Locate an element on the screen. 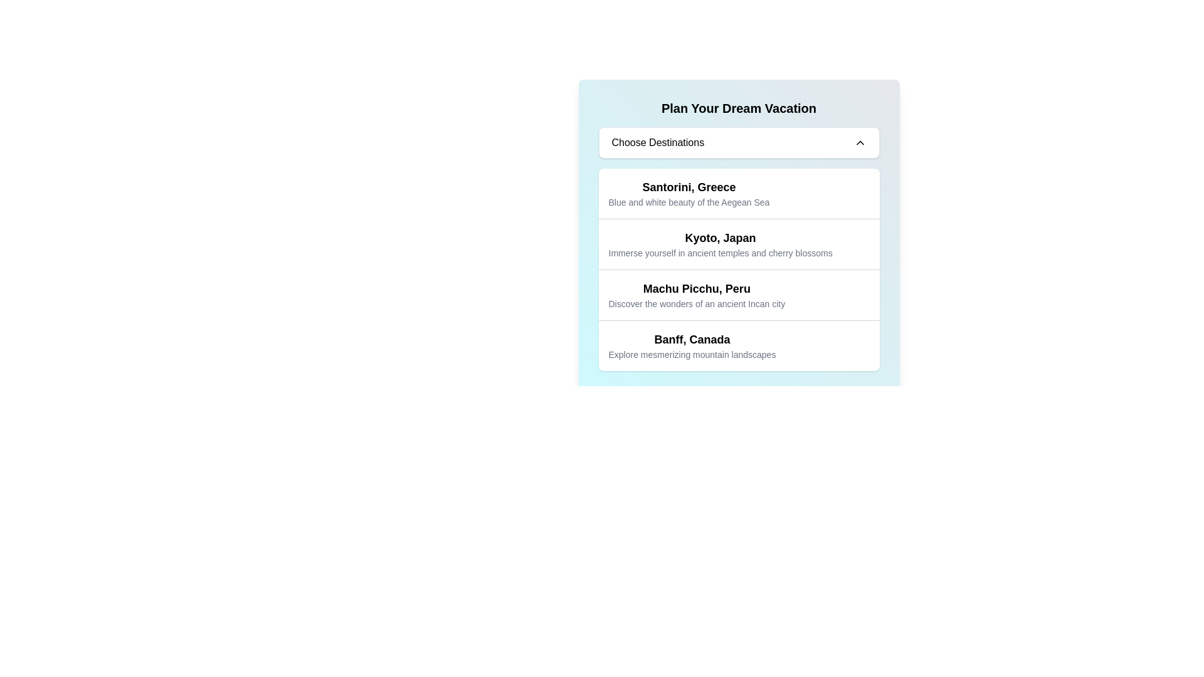  the Textual Description Block for 'Kyoto, Japan' is located at coordinates (721, 244).